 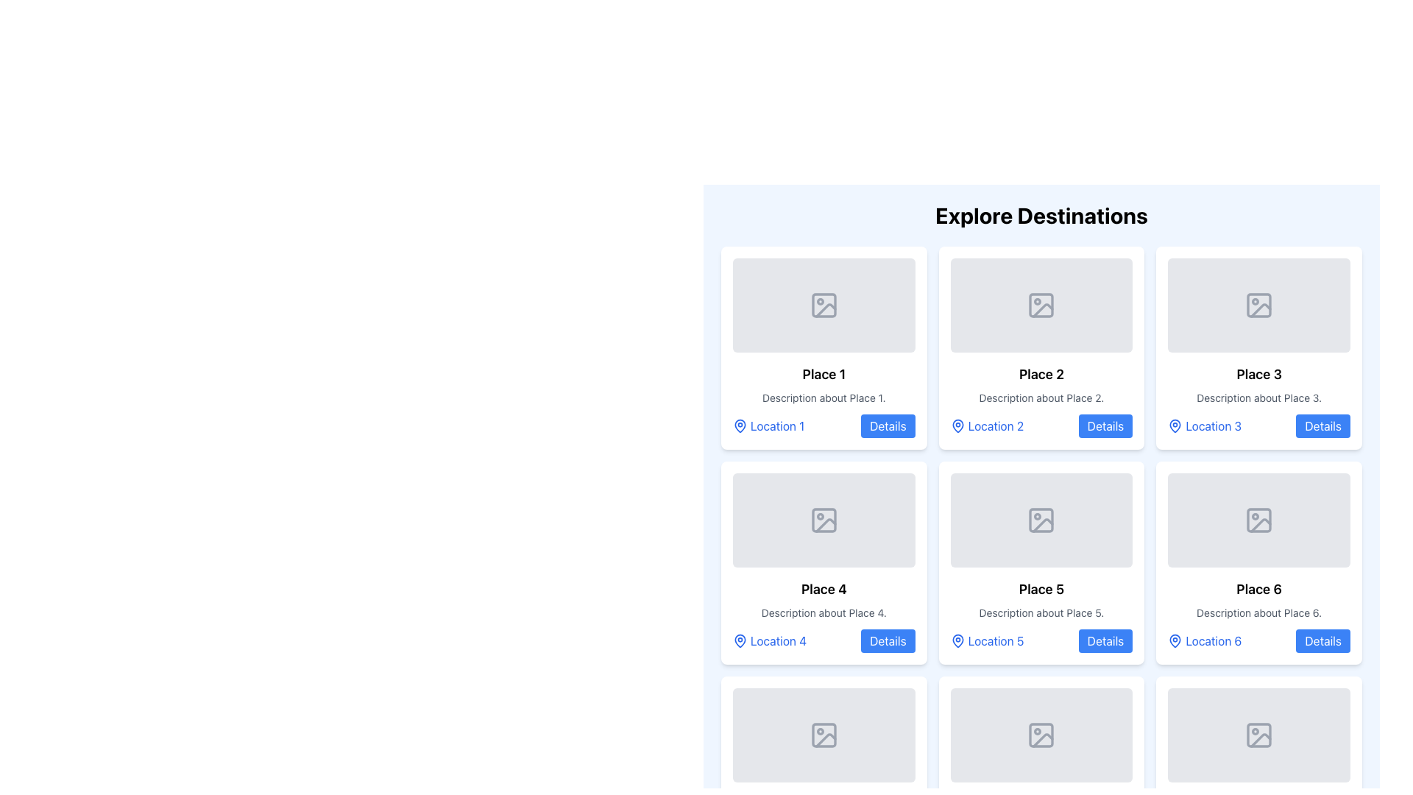 I want to click on the text label that identifies 'Place 2', located in the second card of the grid layout, above the description and below the placeholder image, so click(x=1041, y=374).